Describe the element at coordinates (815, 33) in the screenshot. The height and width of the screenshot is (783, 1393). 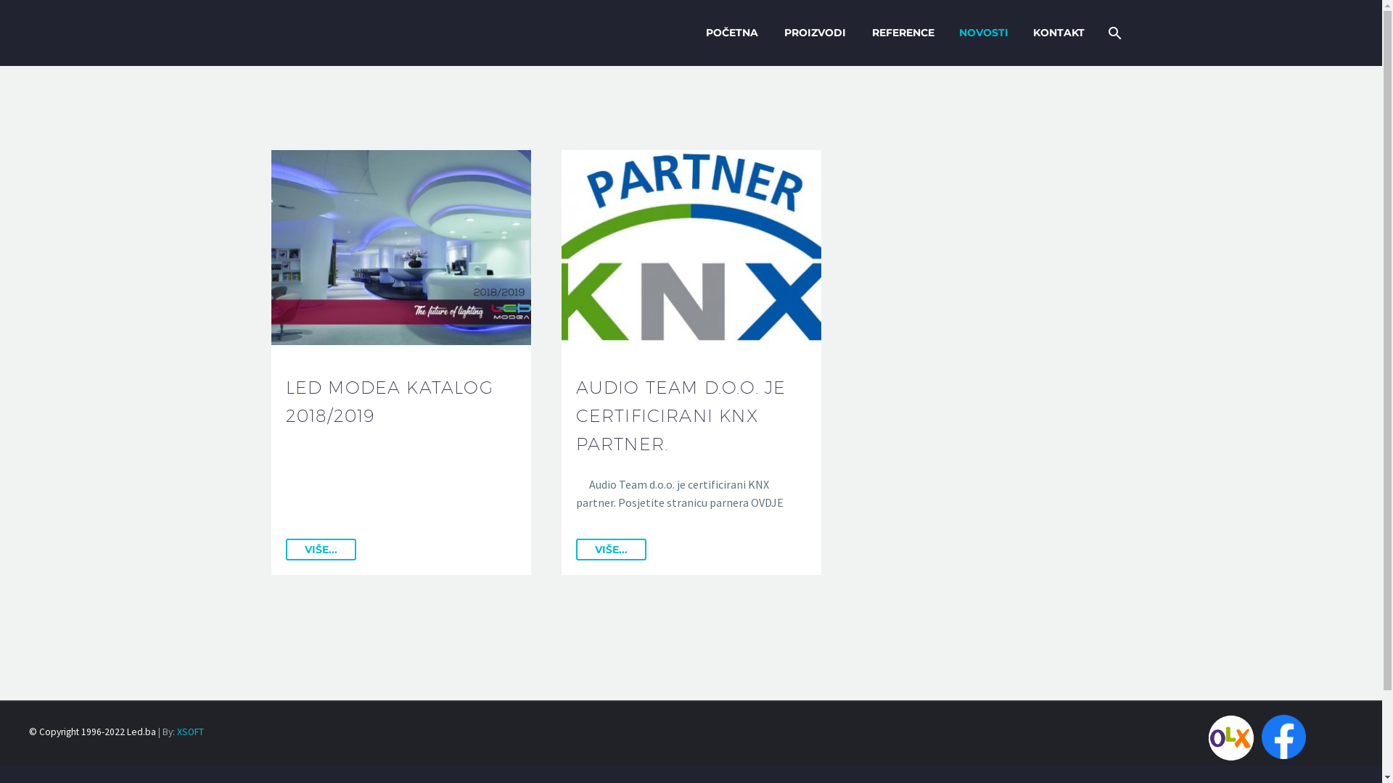
I see `'PROIZVODI'` at that location.